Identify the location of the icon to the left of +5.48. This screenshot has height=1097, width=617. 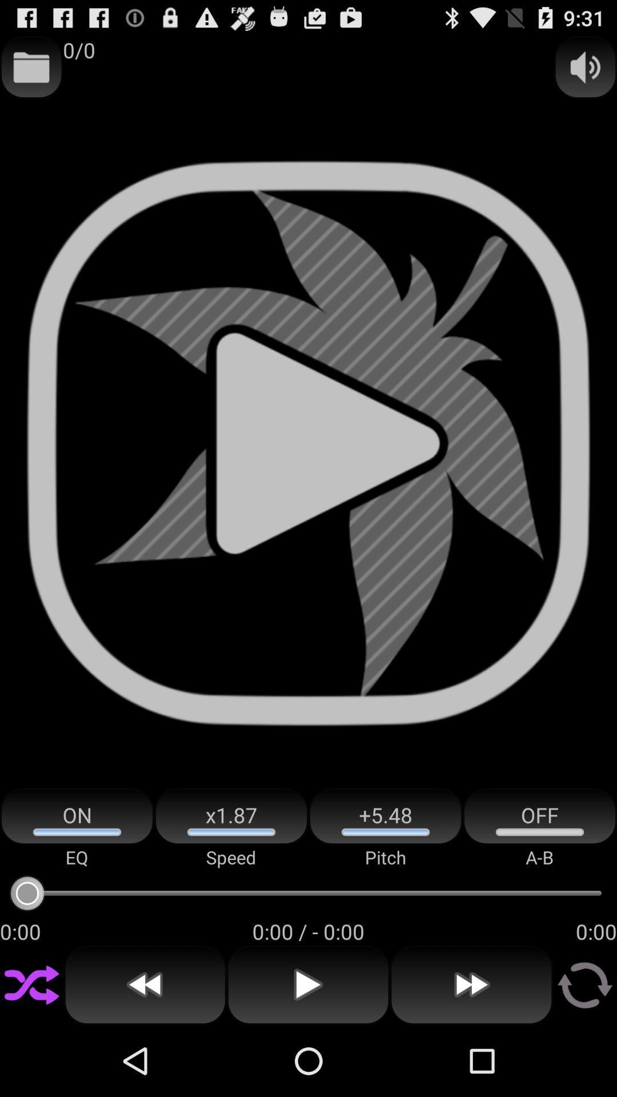
(231, 816).